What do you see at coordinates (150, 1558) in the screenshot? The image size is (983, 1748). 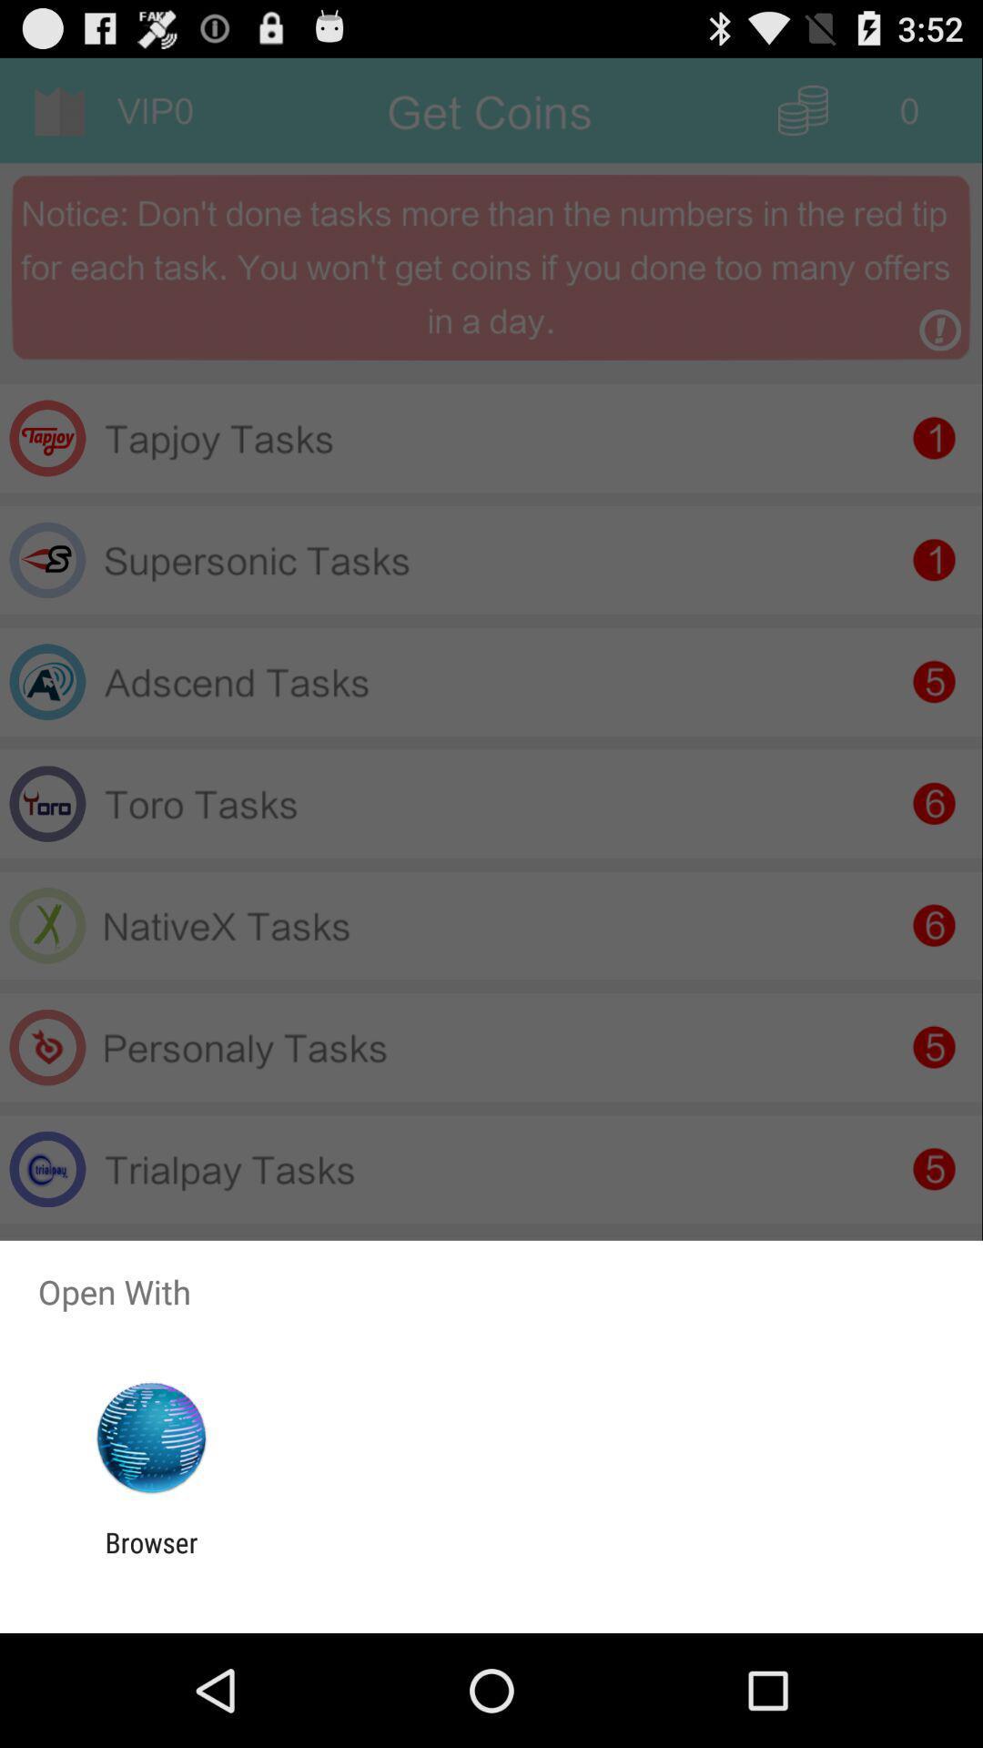 I see `browser item` at bounding box center [150, 1558].